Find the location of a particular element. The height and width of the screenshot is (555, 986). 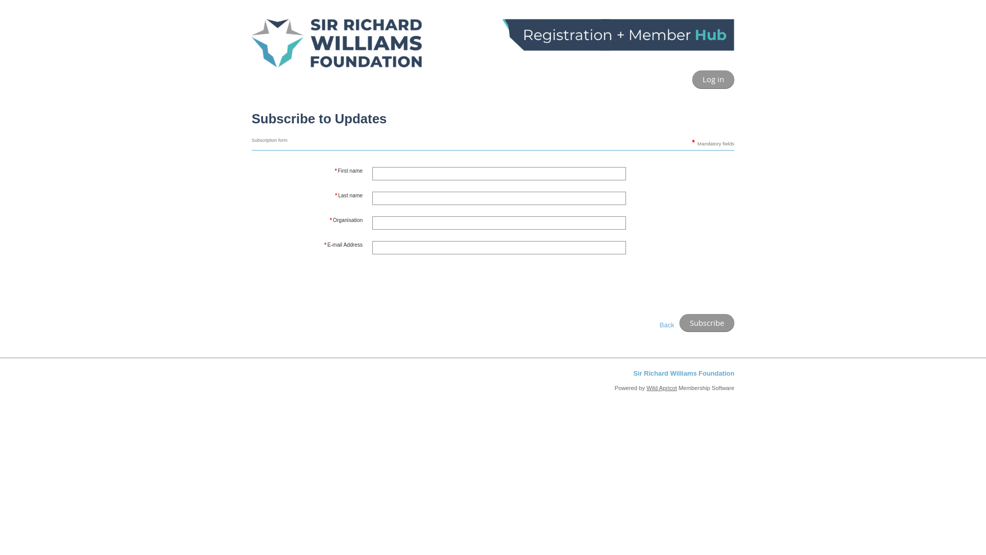

'Log in' is located at coordinates (692, 79).